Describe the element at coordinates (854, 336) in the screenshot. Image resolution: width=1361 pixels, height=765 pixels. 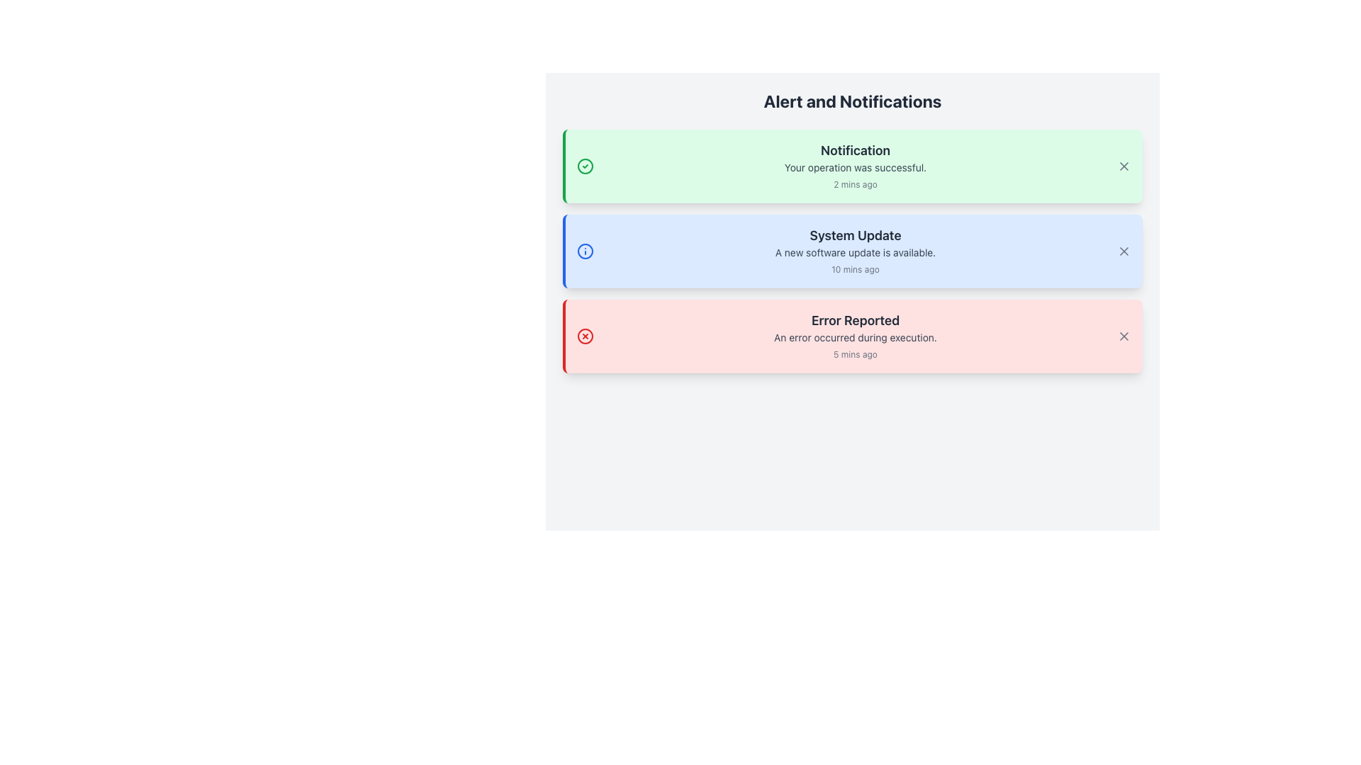
I see `the Notification card displaying an error message, which is the third card in the vertical stack of notifications labeled 'Alert and Notifications'` at that location.